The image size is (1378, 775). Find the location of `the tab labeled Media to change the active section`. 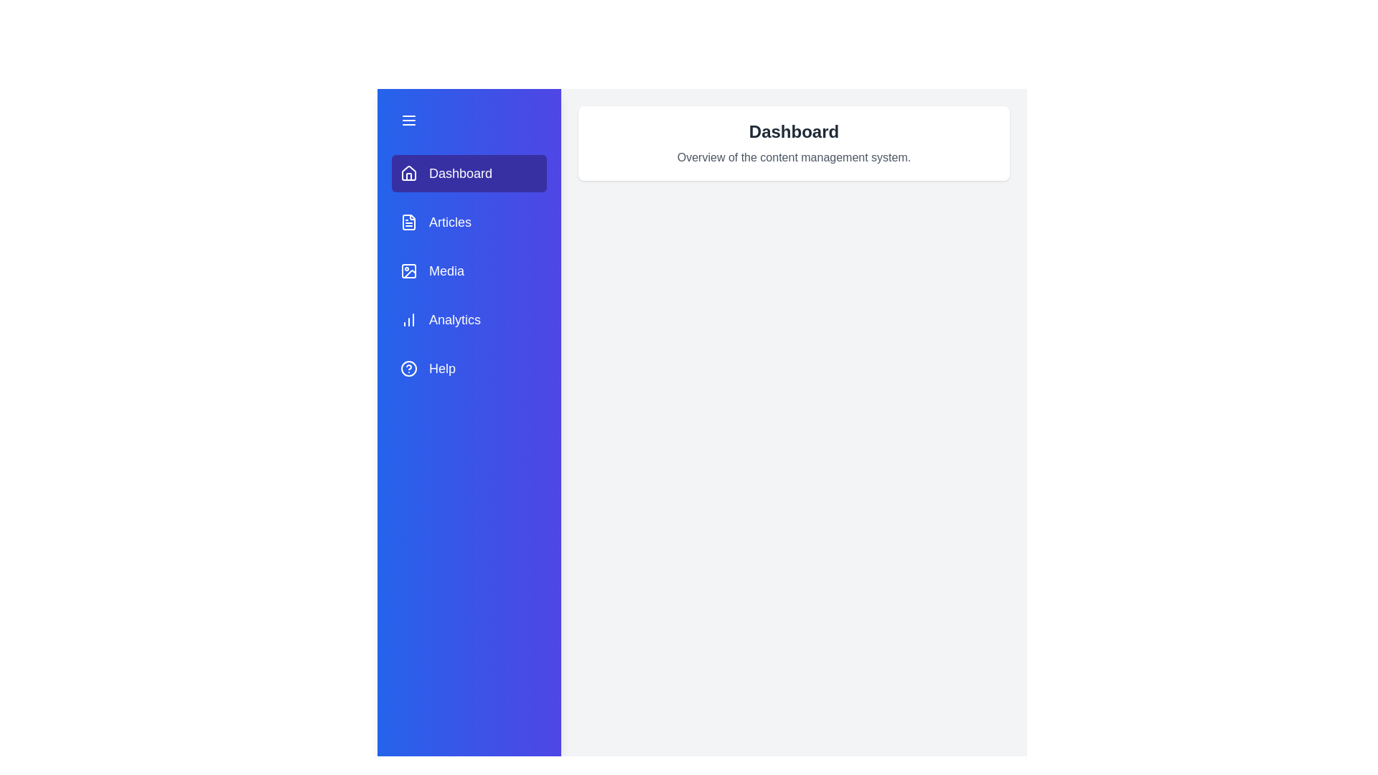

the tab labeled Media to change the active section is located at coordinates (469, 271).